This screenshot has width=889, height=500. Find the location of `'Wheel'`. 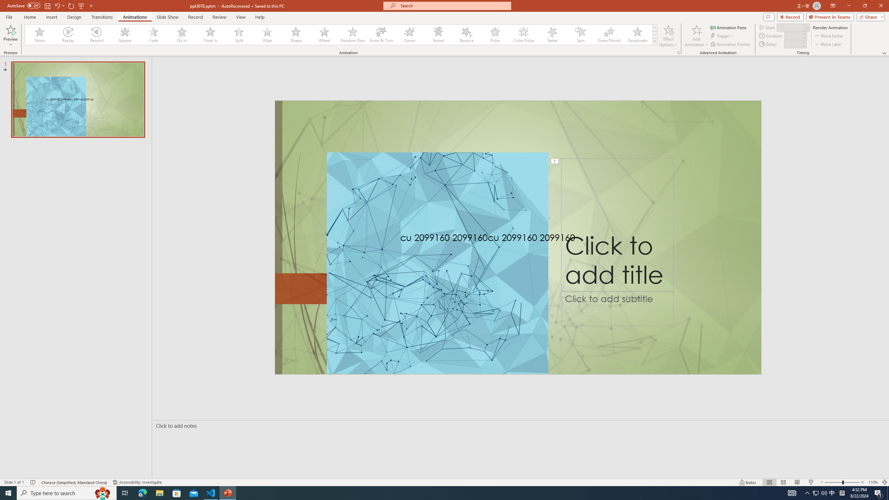

'Wheel' is located at coordinates (324, 34).